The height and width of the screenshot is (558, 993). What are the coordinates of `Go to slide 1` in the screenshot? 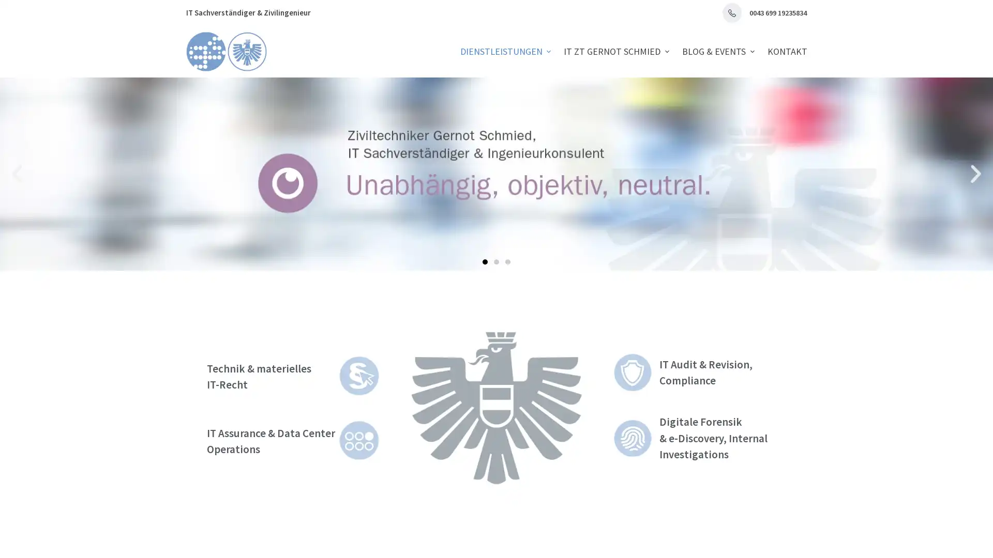 It's located at (484, 260).